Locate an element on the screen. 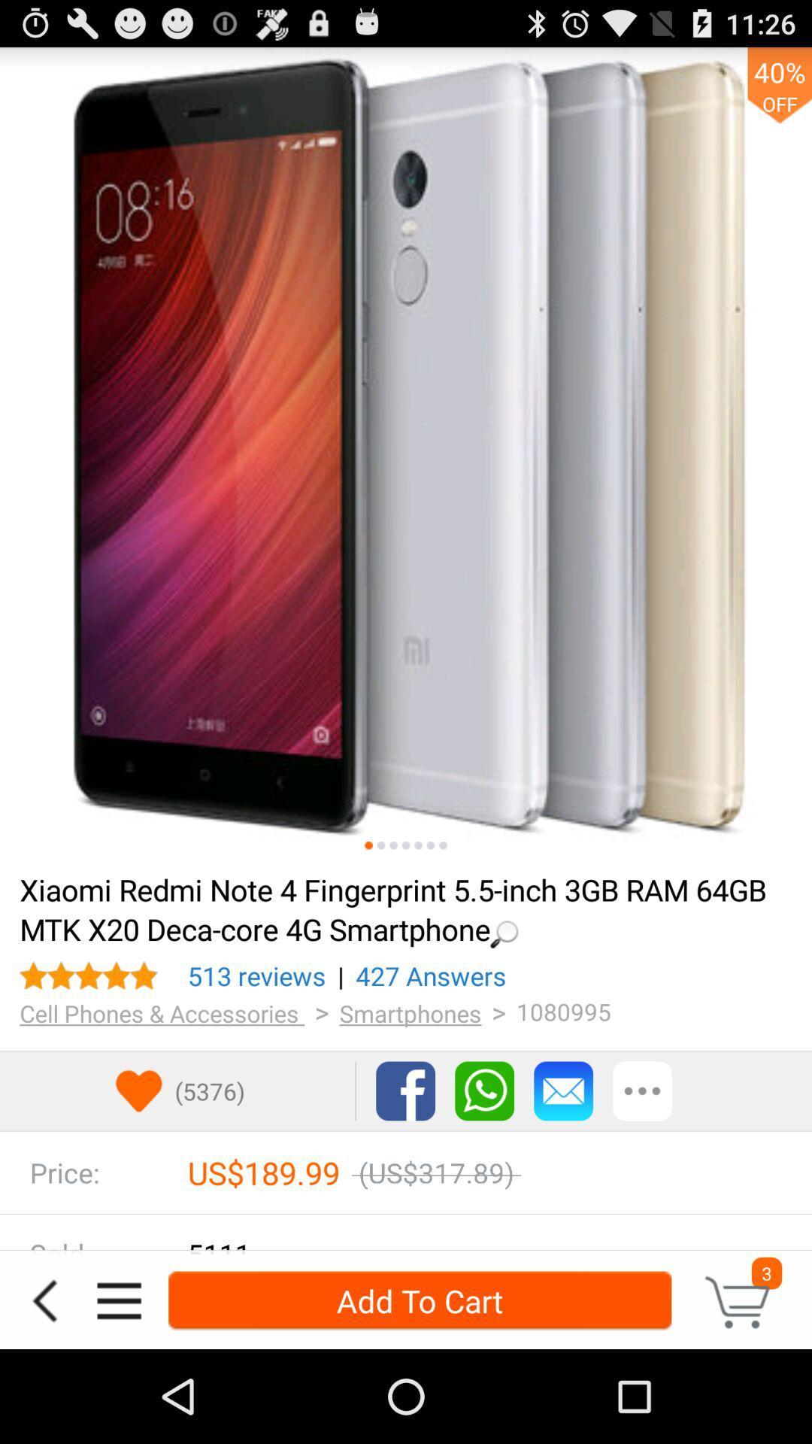 The image size is (812, 1444). share via facebook is located at coordinates (404, 1091).